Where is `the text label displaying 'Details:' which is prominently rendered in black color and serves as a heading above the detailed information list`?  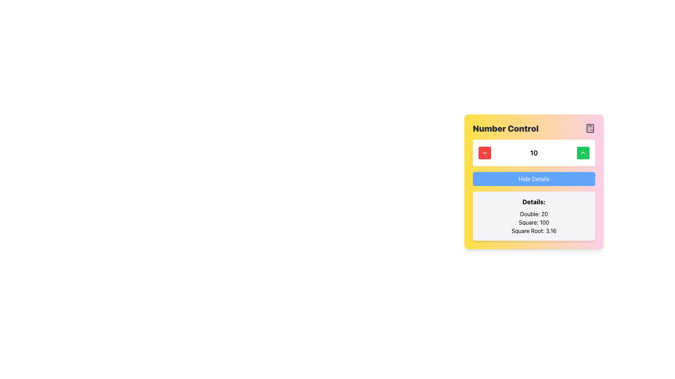 the text label displaying 'Details:' which is prominently rendered in black color and serves as a heading above the detailed information list is located at coordinates (534, 202).